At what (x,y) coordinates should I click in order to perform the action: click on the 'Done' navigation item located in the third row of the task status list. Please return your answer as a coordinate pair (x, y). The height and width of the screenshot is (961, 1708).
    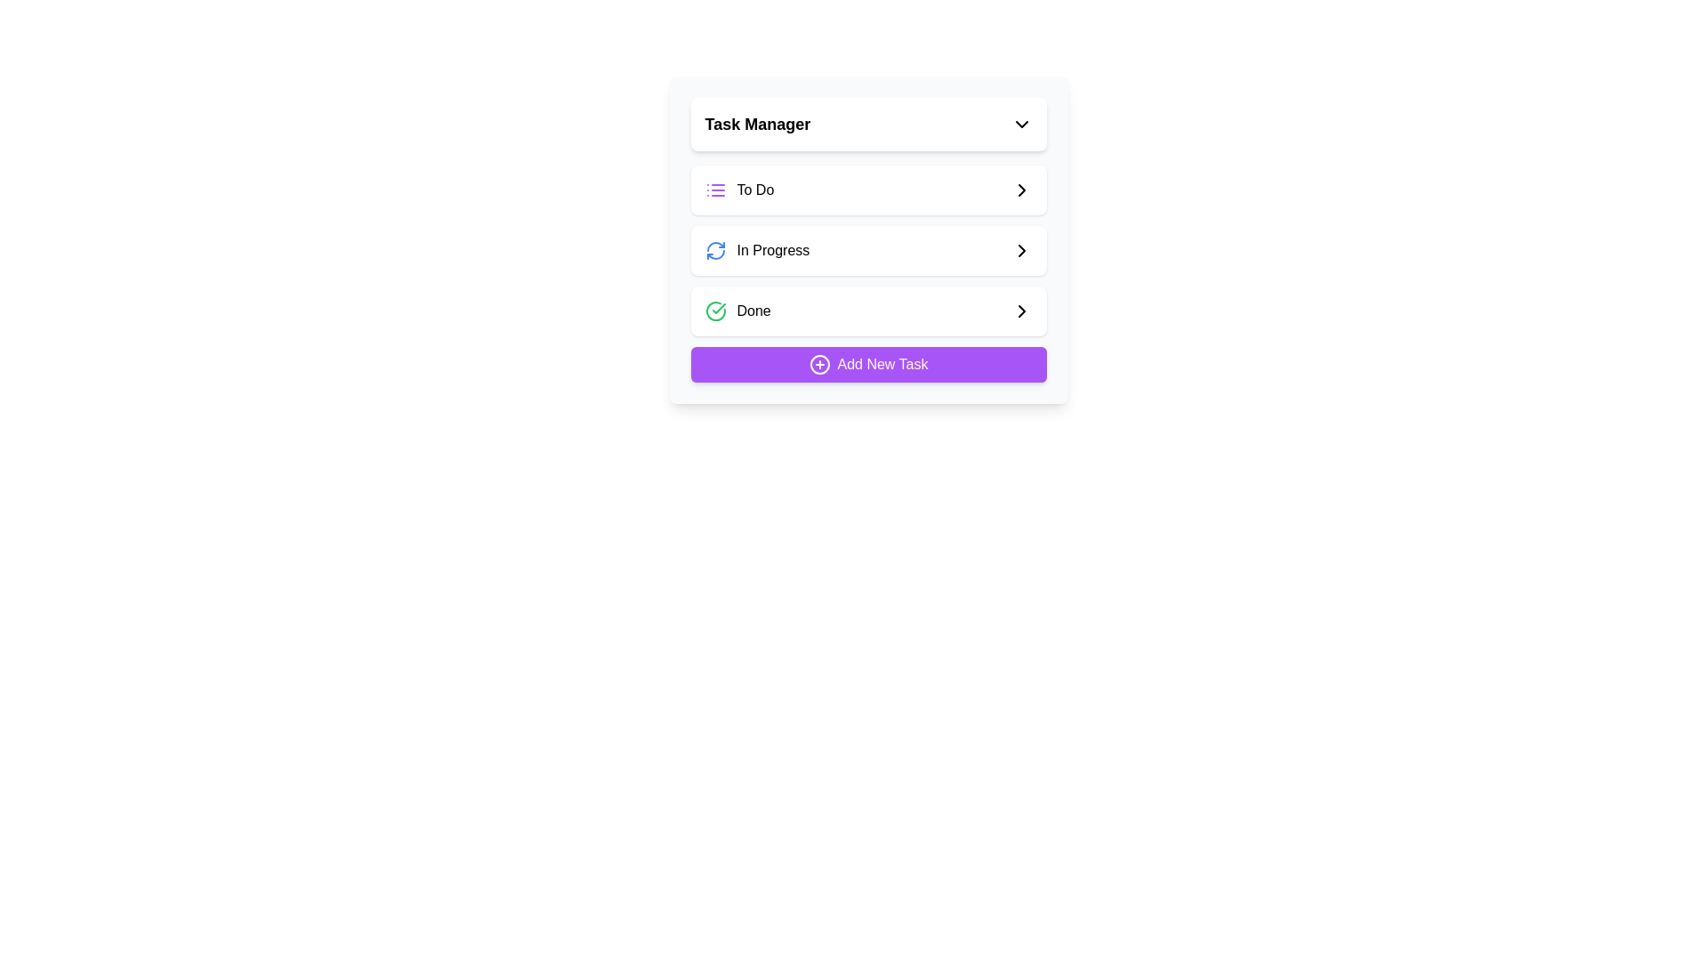
    Looking at the image, I should click on (868, 311).